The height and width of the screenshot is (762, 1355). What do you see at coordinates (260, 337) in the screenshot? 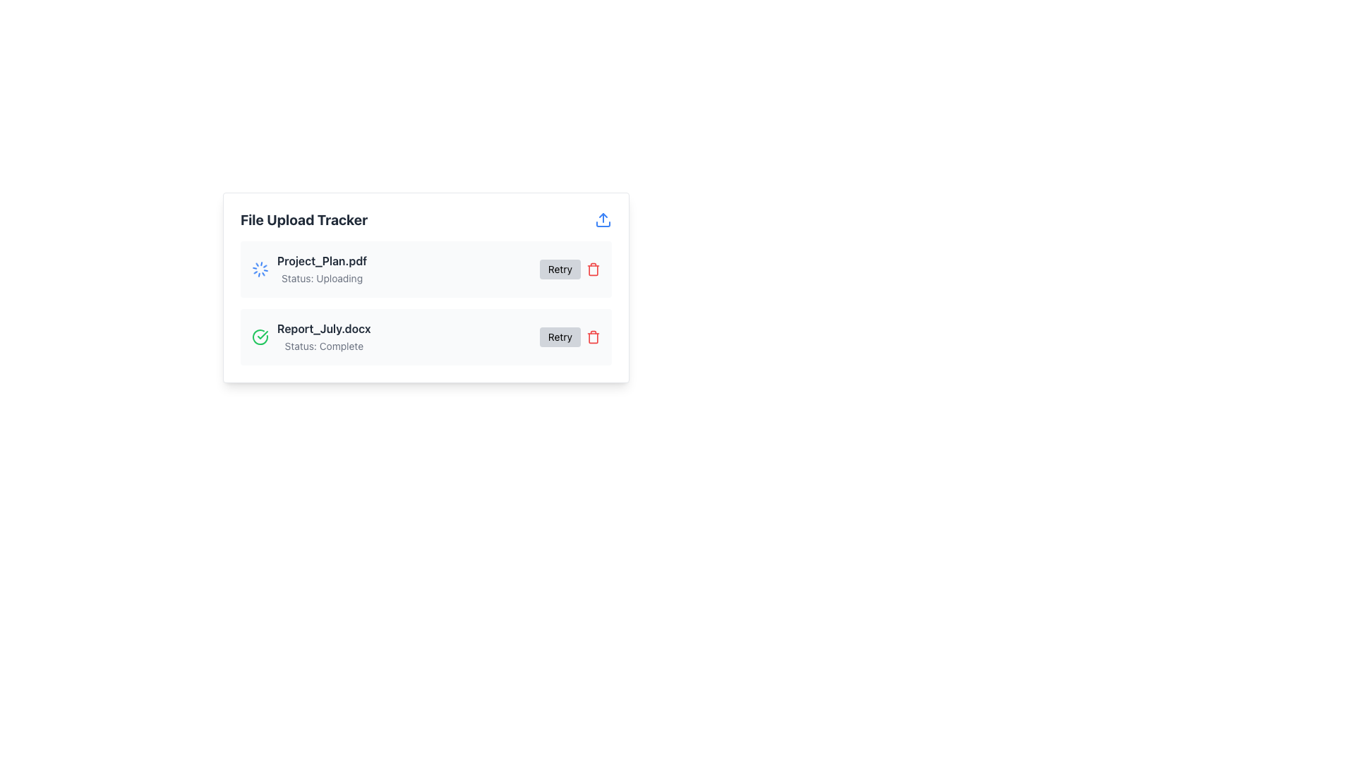
I see `the status indicator icon for the file 'Report_July.docx', which signifies that the file has been successfully uploaded and is located to the left of the text 'Report_July.docx Status: Complete'` at bounding box center [260, 337].